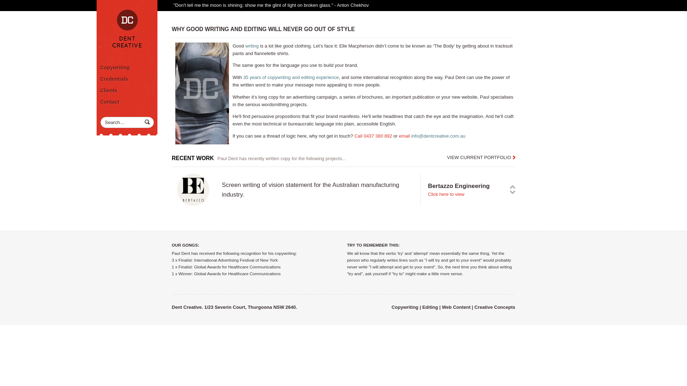 This screenshot has height=386, width=687. What do you see at coordinates (438, 136) in the screenshot?
I see `'info@dentcreative.com.au'` at bounding box center [438, 136].